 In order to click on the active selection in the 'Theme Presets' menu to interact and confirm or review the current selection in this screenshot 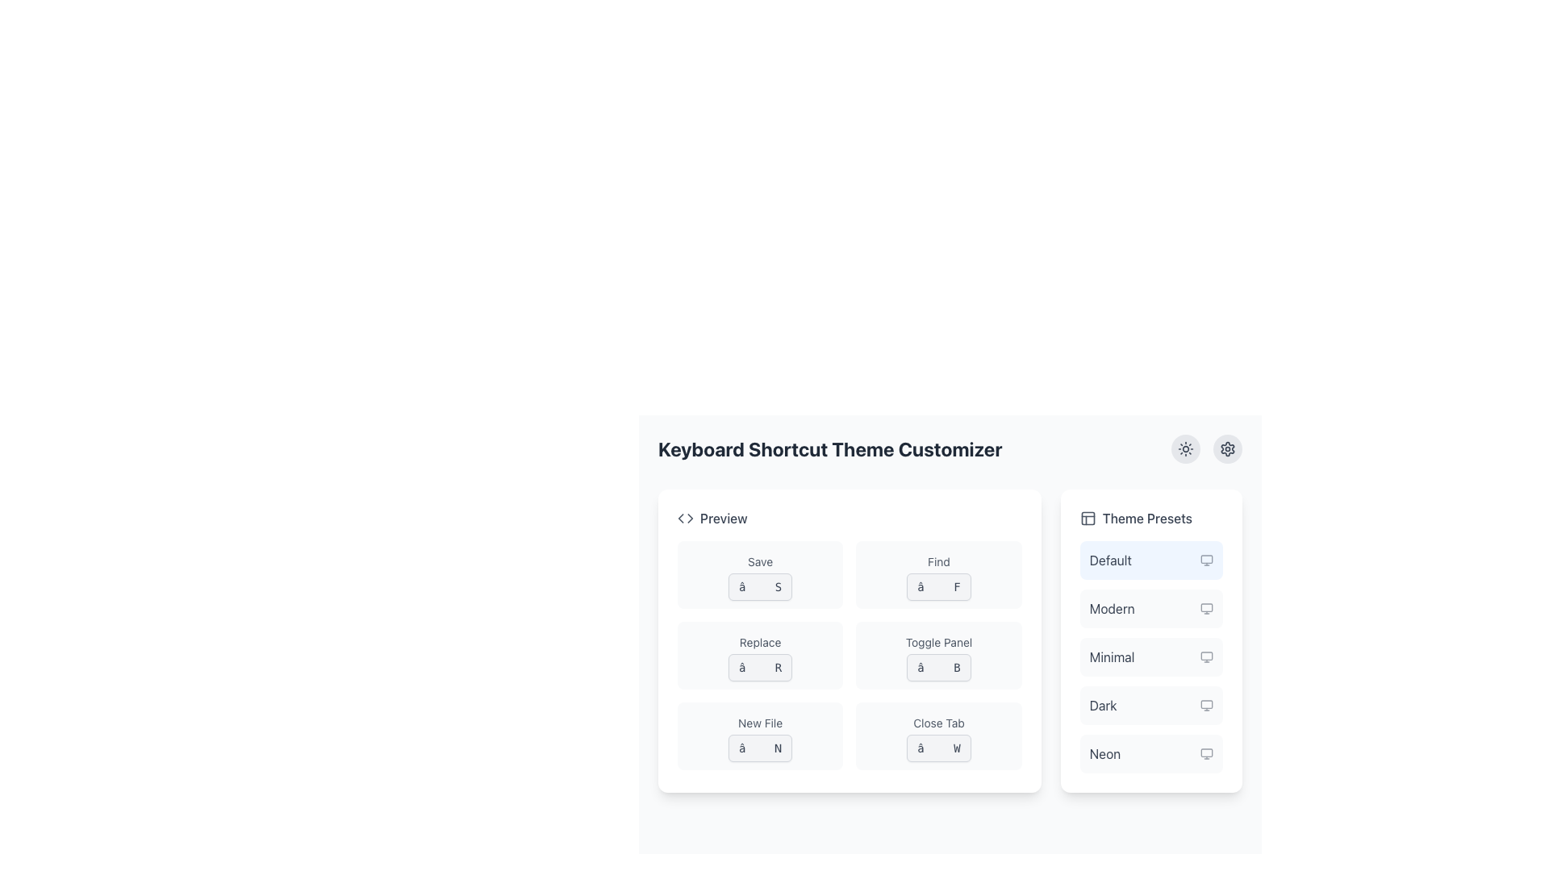, I will do `click(1109, 559)`.